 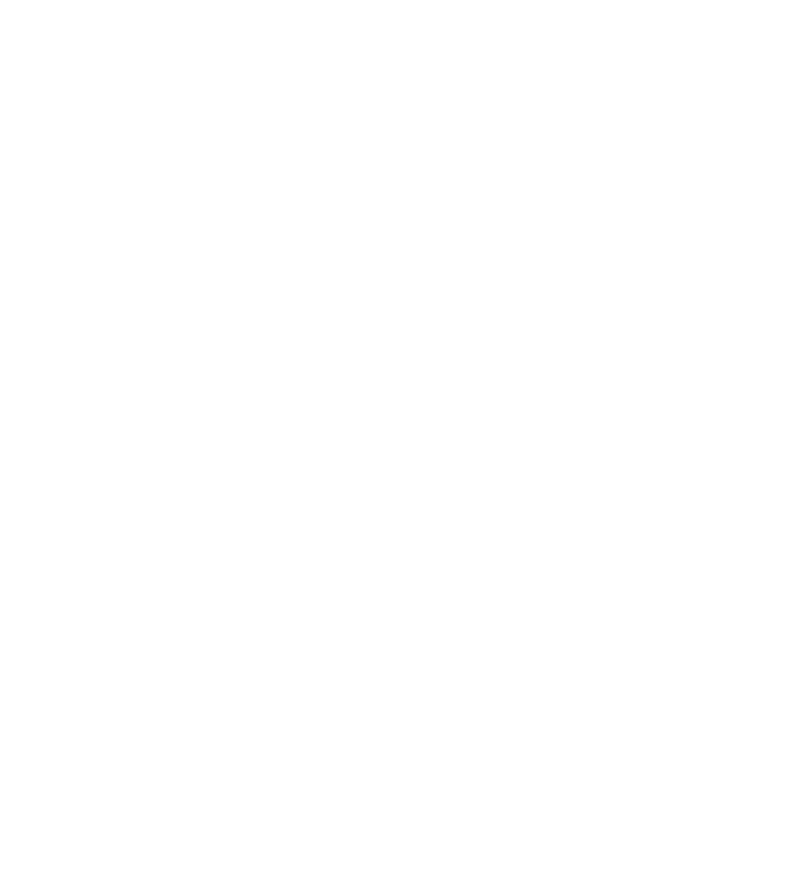 I want to click on 'Discover More From Informa Tech', so click(x=395, y=248).